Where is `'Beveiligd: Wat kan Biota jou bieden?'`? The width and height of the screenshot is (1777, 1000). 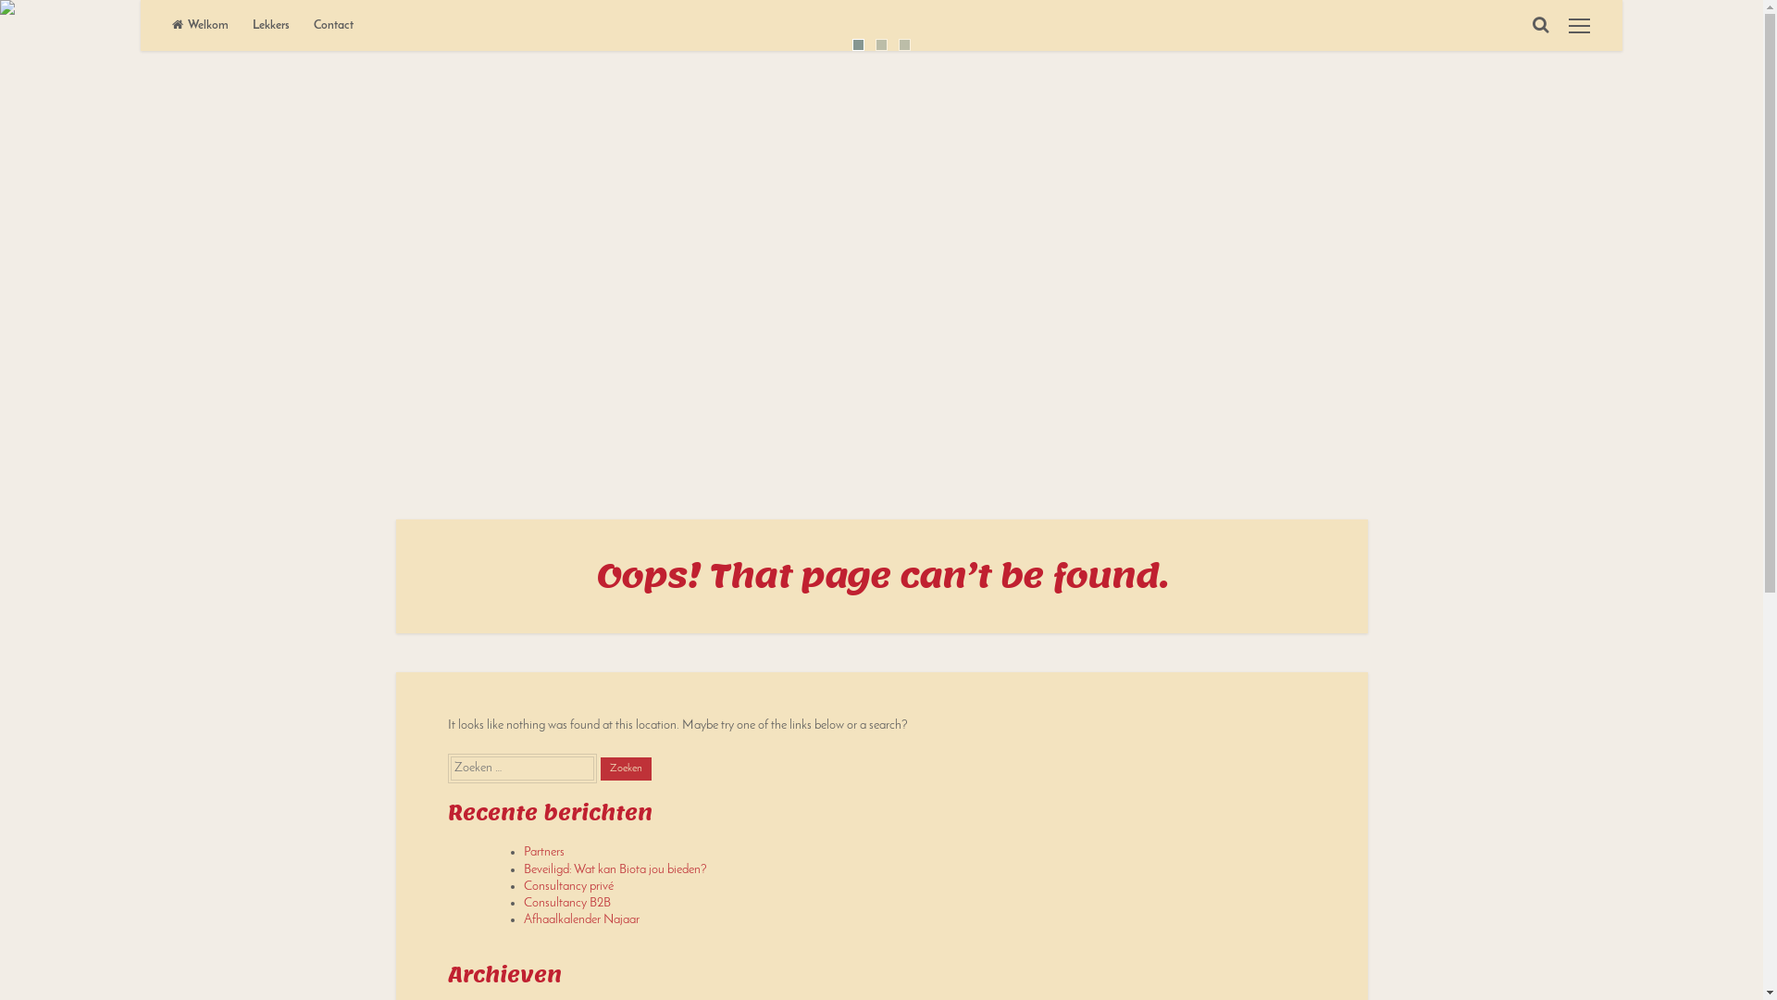 'Beveiligd: Wat kan Biota jou bieden?' is located at coordinates (615, 869).